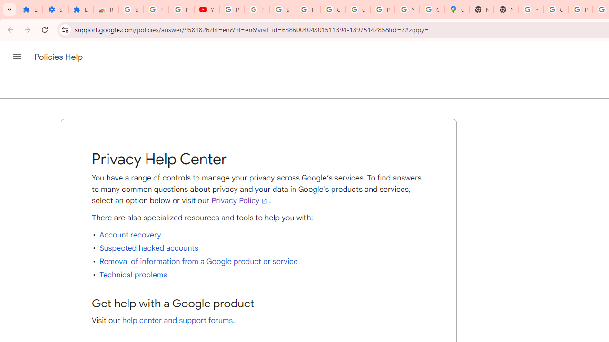 This screenshot has width=609, height=342. I want to click on 'Extensions', so click(30, 9).